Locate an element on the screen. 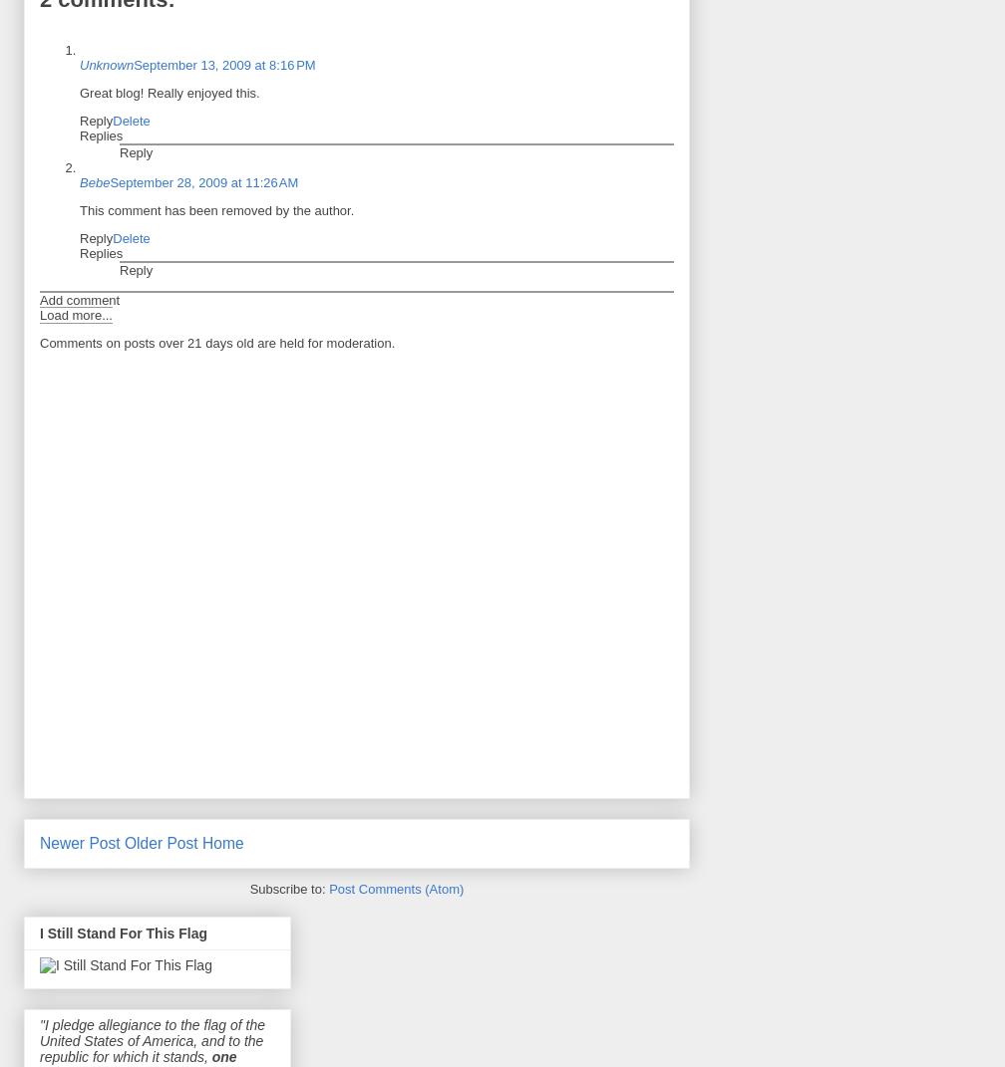 The height and width of the screenshot is (1067, 1005). '"I pledge allegiance to the flag of the United States of America, and to the republic for which it stands,' is located at coordinates (40, 1040).